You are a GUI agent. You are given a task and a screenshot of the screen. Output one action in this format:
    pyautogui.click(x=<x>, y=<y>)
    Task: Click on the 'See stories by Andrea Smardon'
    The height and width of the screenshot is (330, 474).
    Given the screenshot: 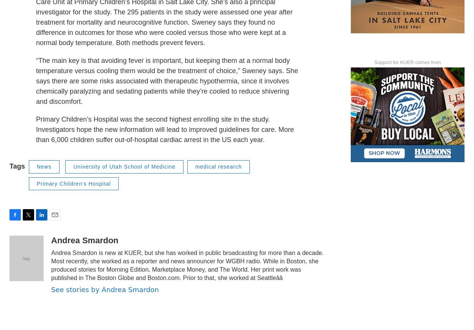 What is the action you would take?
    pyautogui.click(x=105, y=306)
    